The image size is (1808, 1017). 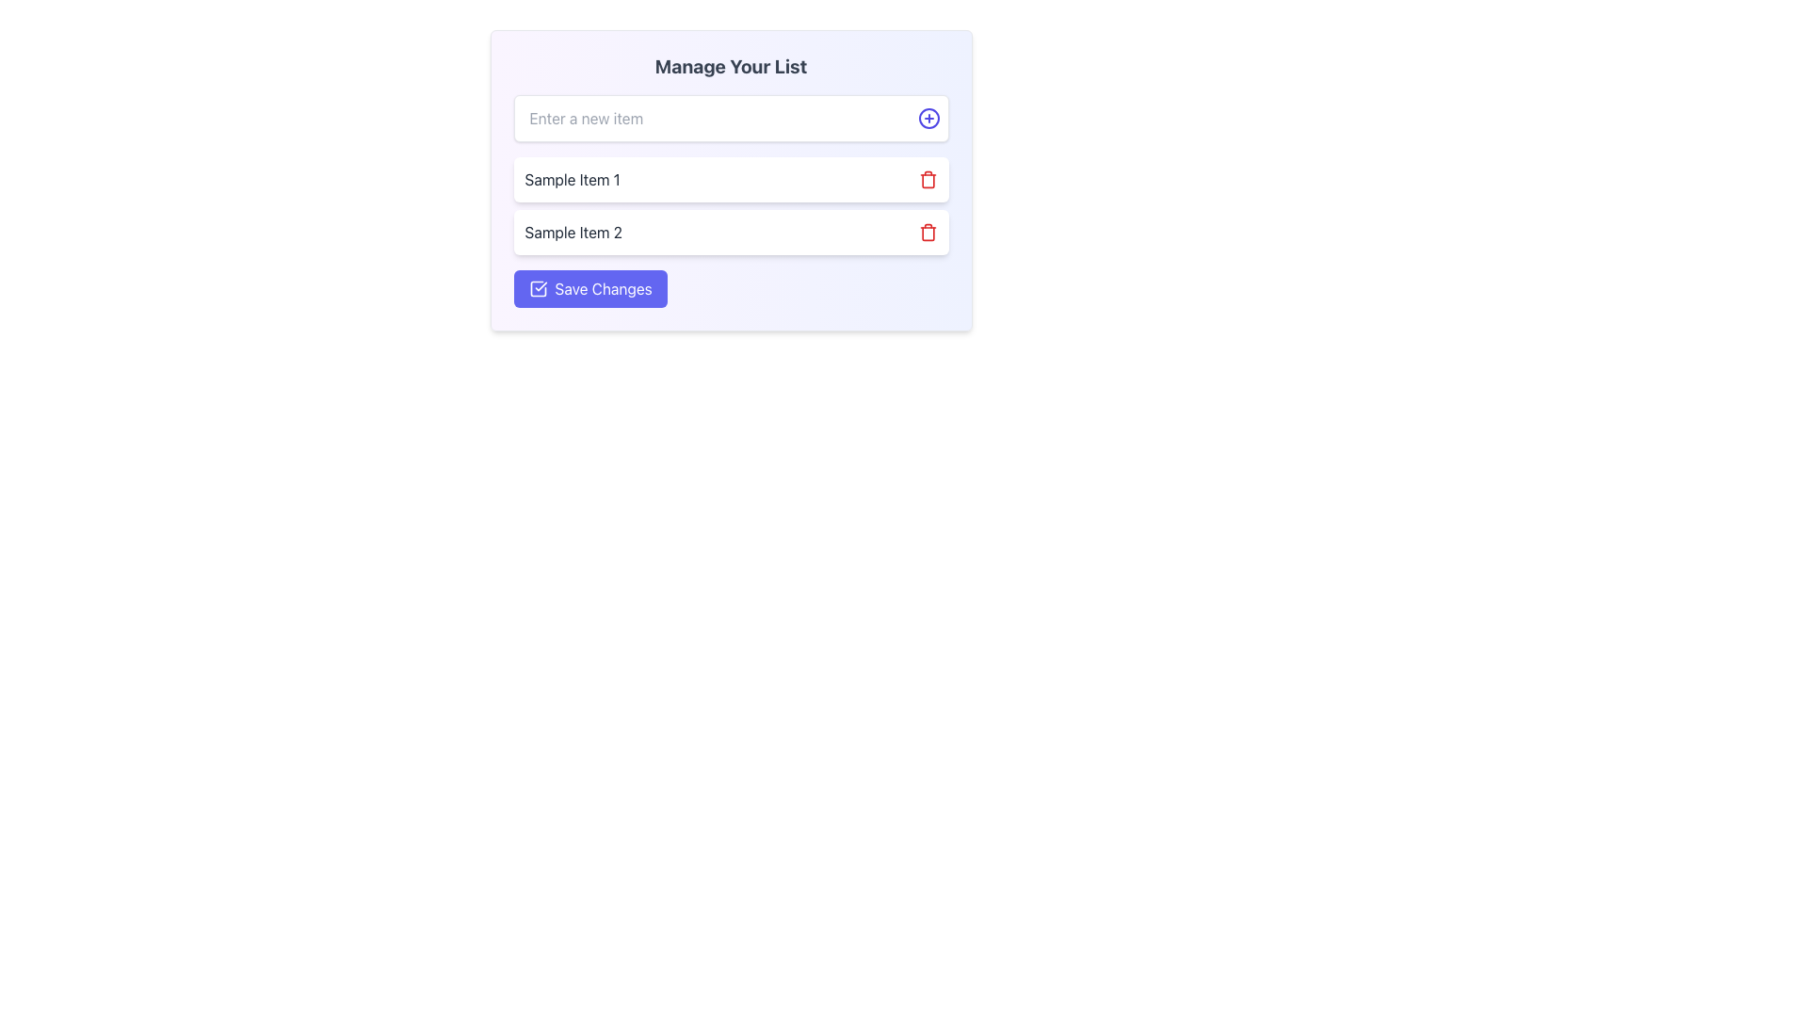 I want to click on the 'Save Changes' button with a purple background and a checkmark icon, so click(x=589, y=289).